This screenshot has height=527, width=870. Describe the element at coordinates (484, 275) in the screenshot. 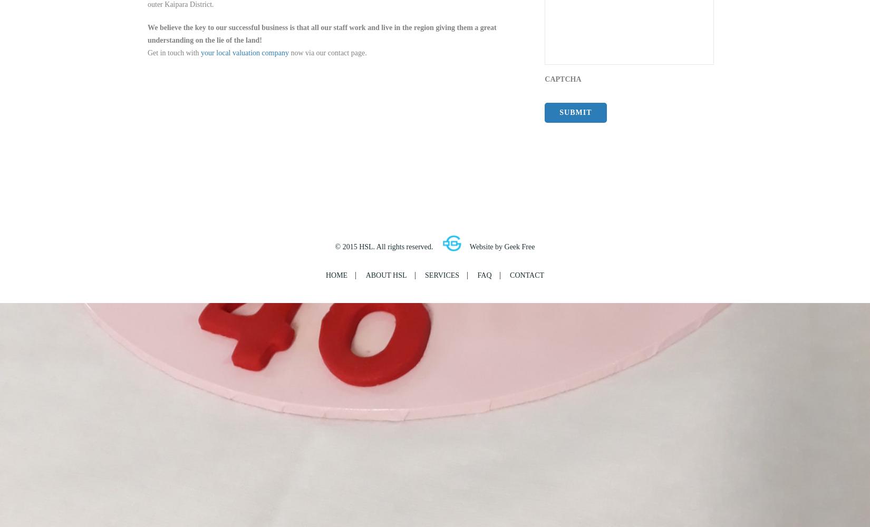

I see `'FAQ'` at that location.